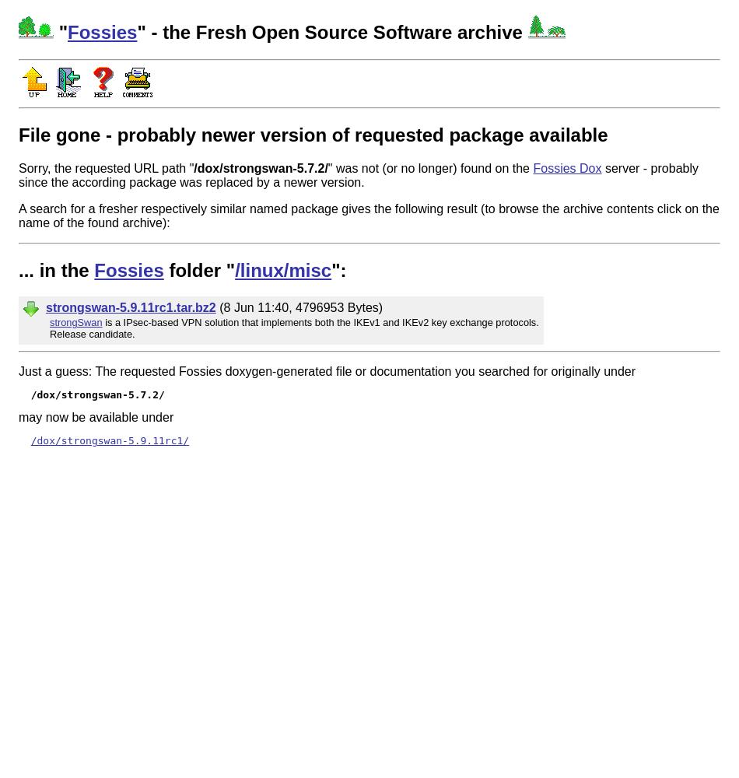  I want to click on '/linux/misc', so click(282, 268).